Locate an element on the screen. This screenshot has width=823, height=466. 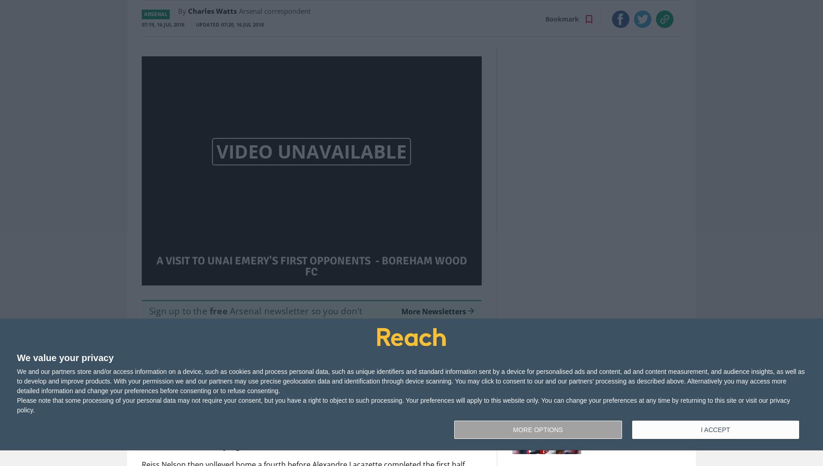
'A visit to Unai Emery's first opponents  - Boreham Wood FC' is located at coordinates (155, 266).